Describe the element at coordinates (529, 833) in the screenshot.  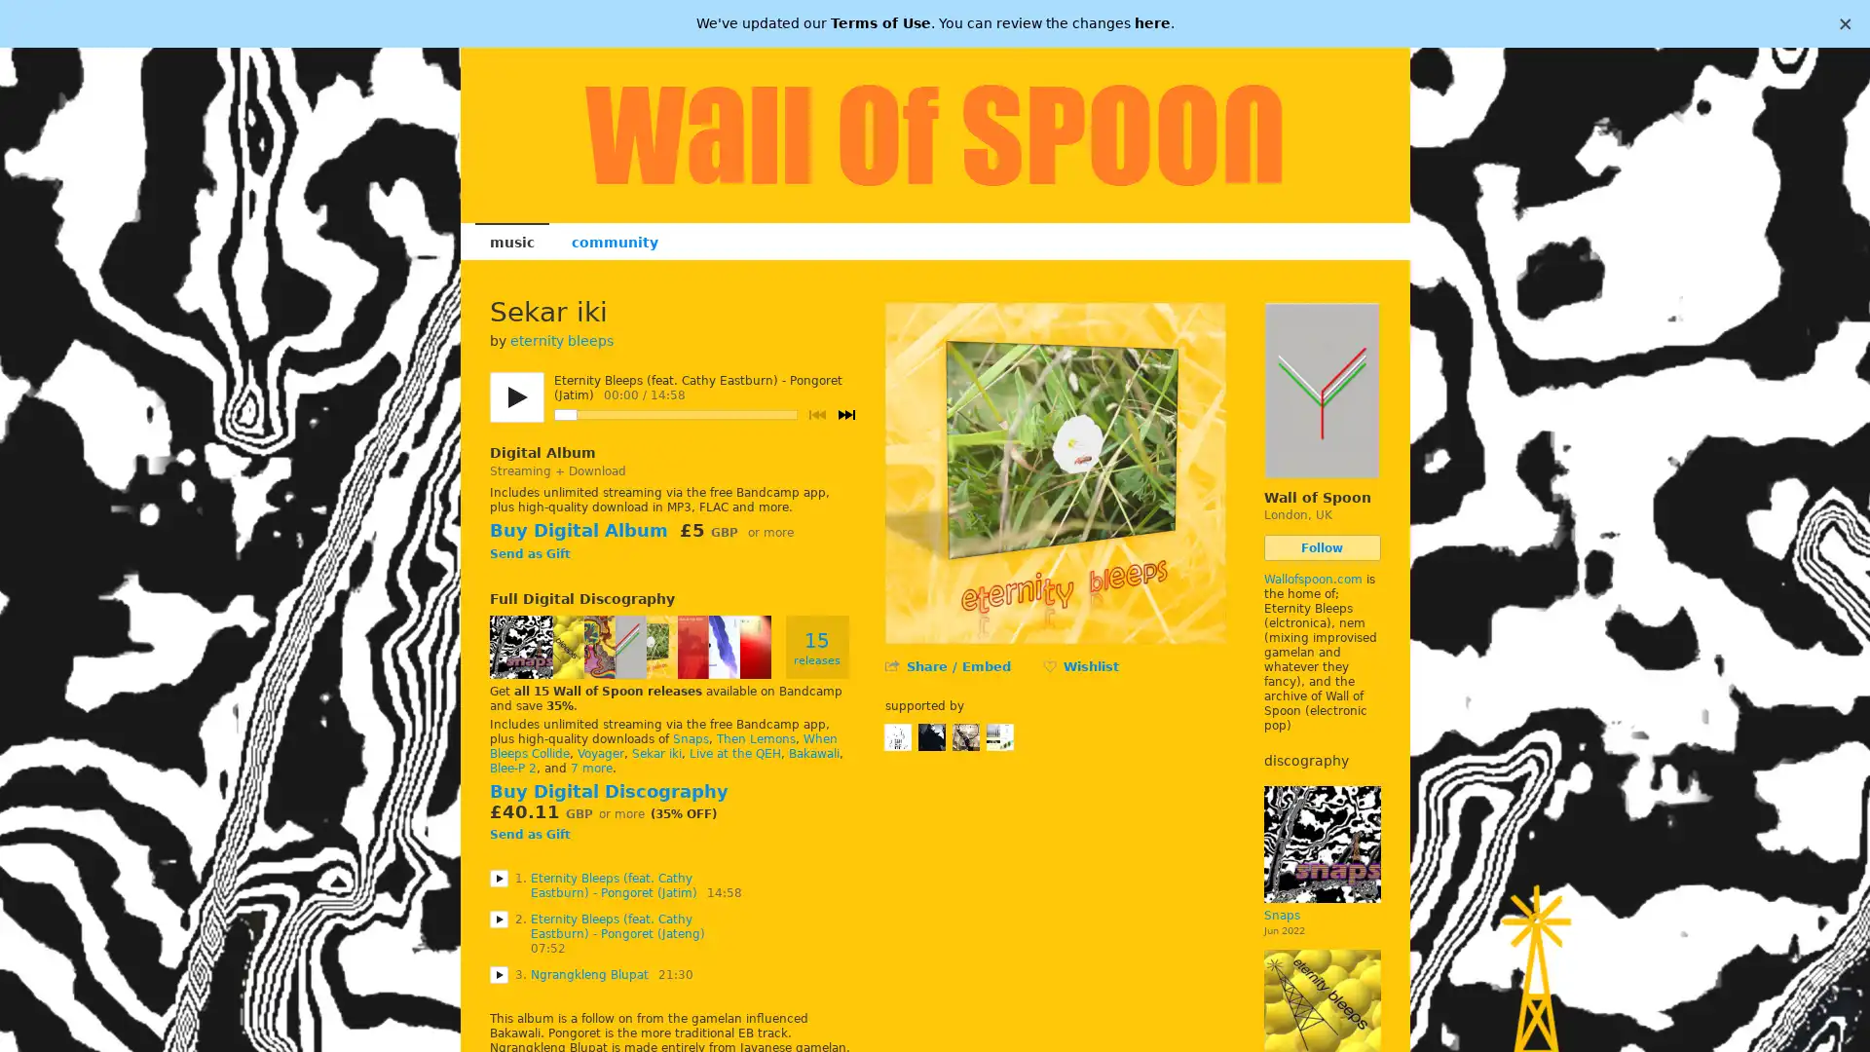
I see `Send as Gift` at that location.